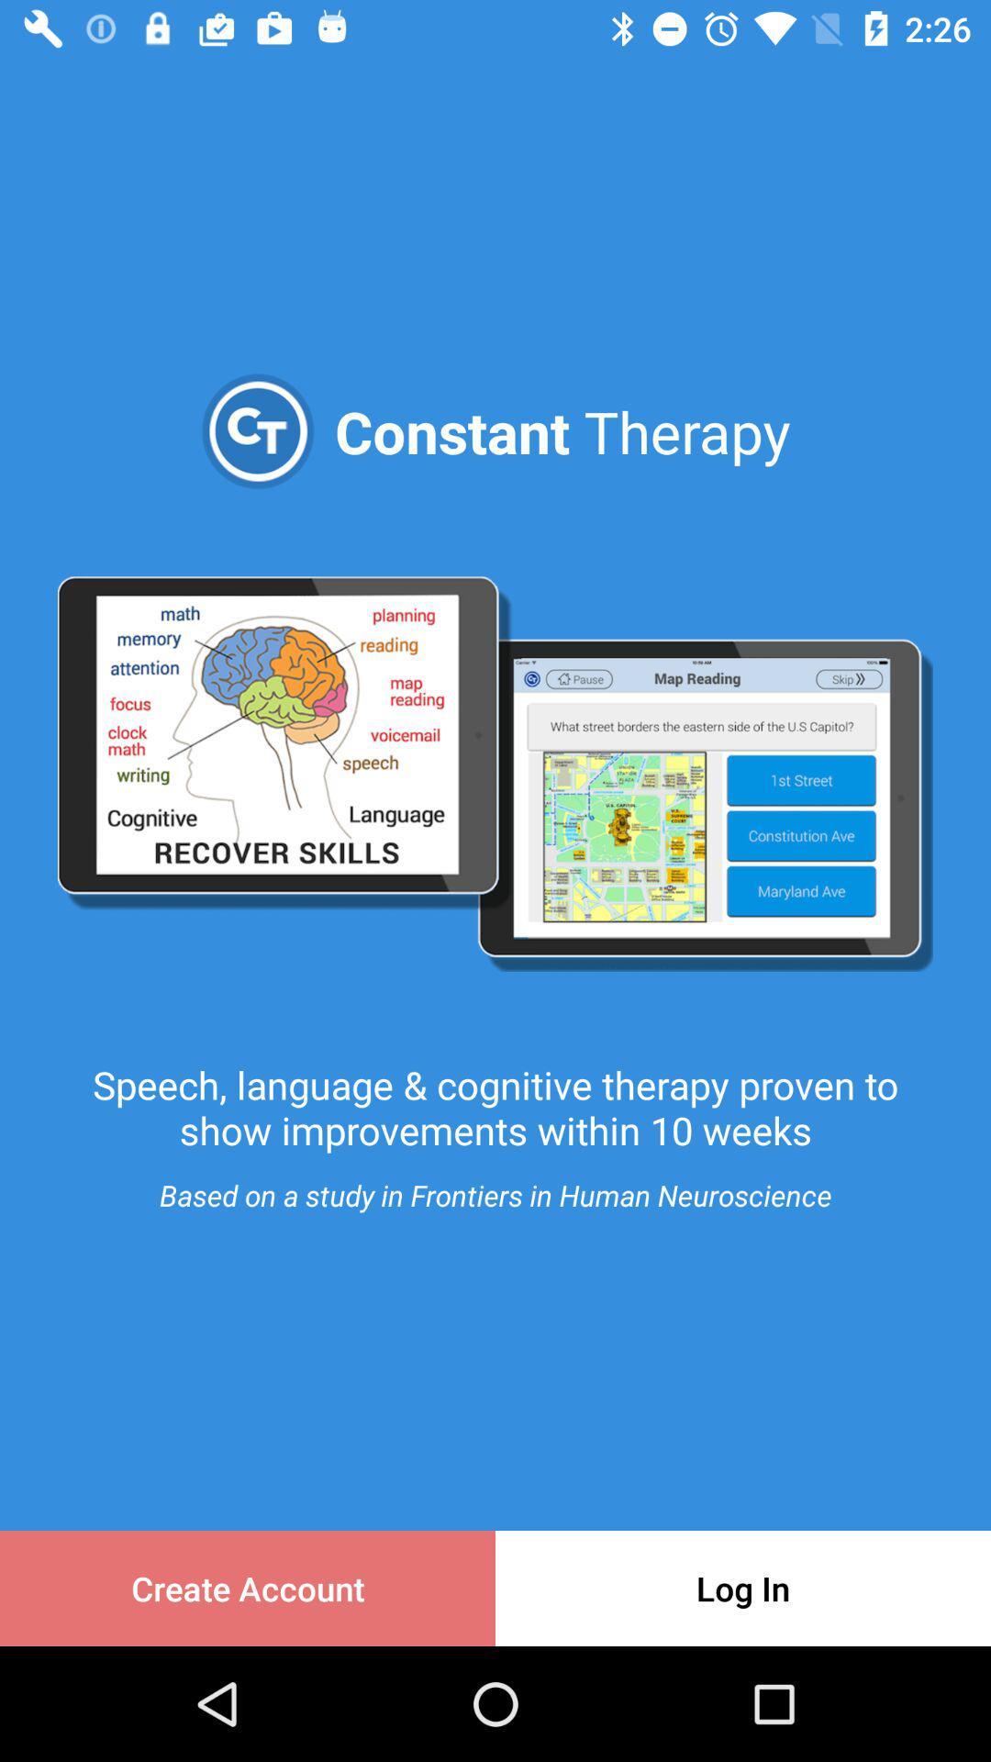  Describe the element at coordinates (248, 1588) in the screenshot. I see `the icon next to the log in item` at that location.